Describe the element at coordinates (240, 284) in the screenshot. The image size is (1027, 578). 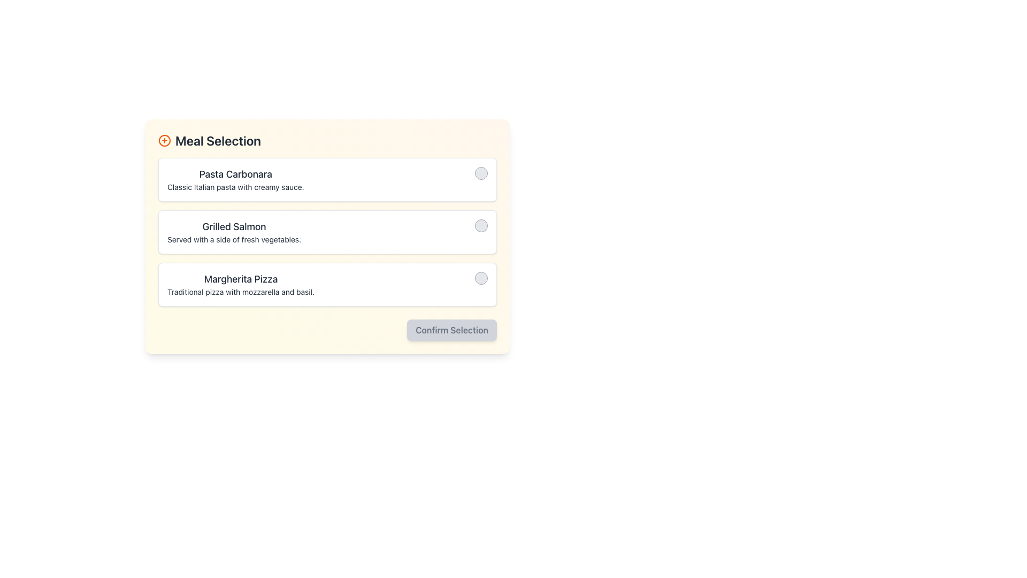
I see `text content of the 'Margherita Pizza' description text block, which is the third element in a vertical list between 'Grilled Salmon' and the 'Confirm Selection' button` at that location.